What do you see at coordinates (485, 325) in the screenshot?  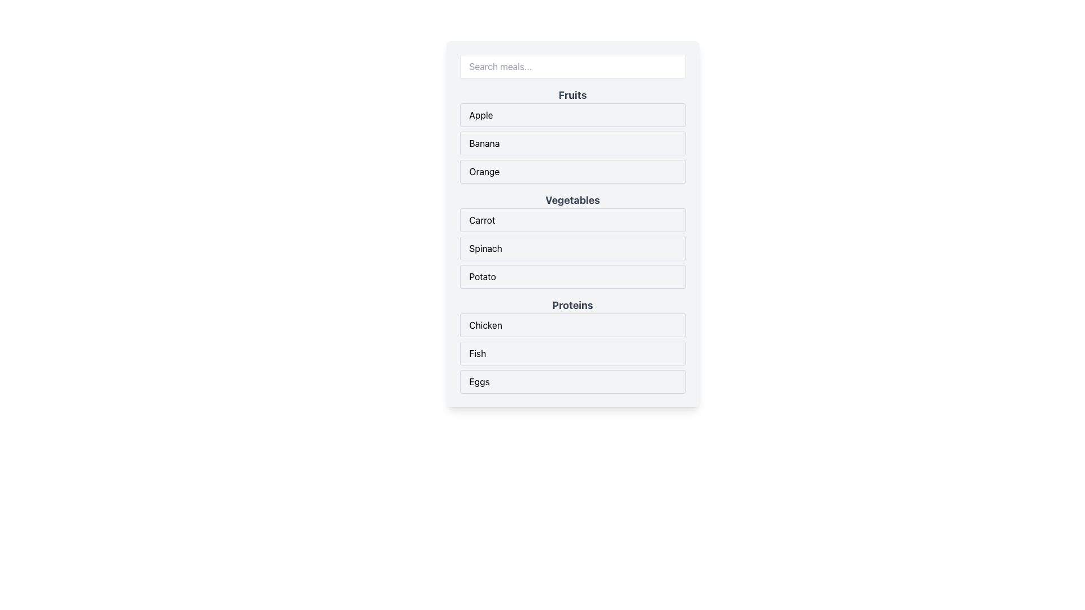 I see `the 'Chicken' text label in the 'Proteins' section` at bounding box center [485, 325].